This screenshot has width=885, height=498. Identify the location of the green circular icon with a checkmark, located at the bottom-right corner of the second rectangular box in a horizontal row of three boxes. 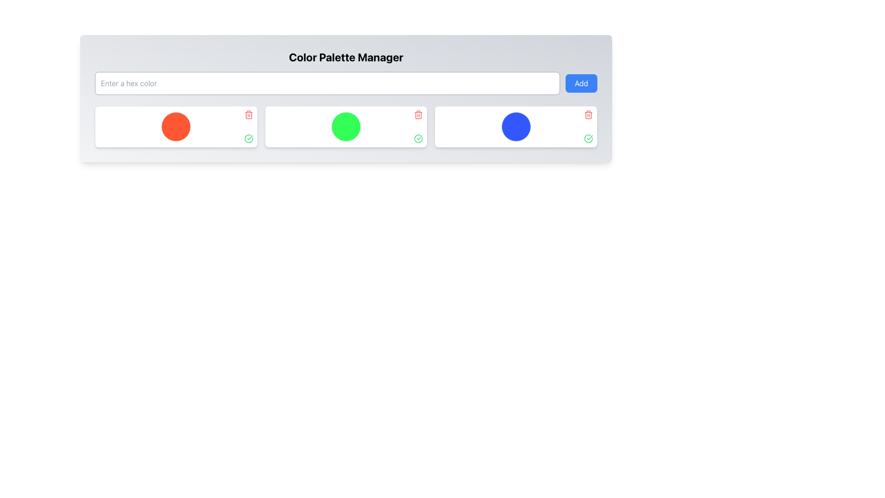
(588, 138).